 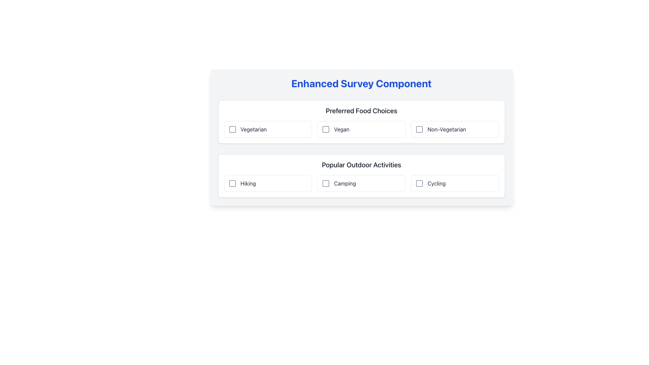 What do you see at coordinates (326, 184) in the screenshot?
I see `the checkbox indicator for the 'Camping' option` at bounding box center [326, 184].